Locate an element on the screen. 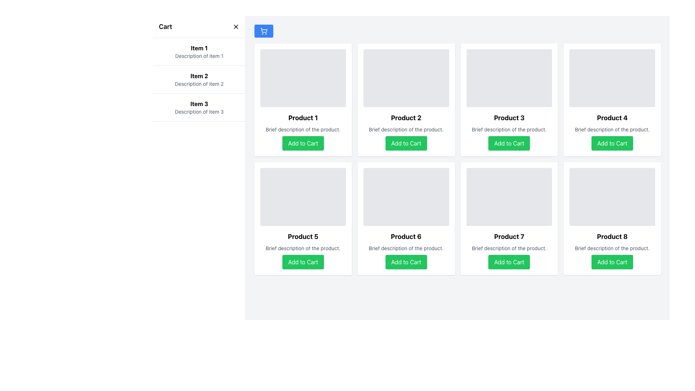 This screenshot has height=391, width=695. the close icon located at the top-right corner of the 'Cart' section is located at coordinates (236, 26).